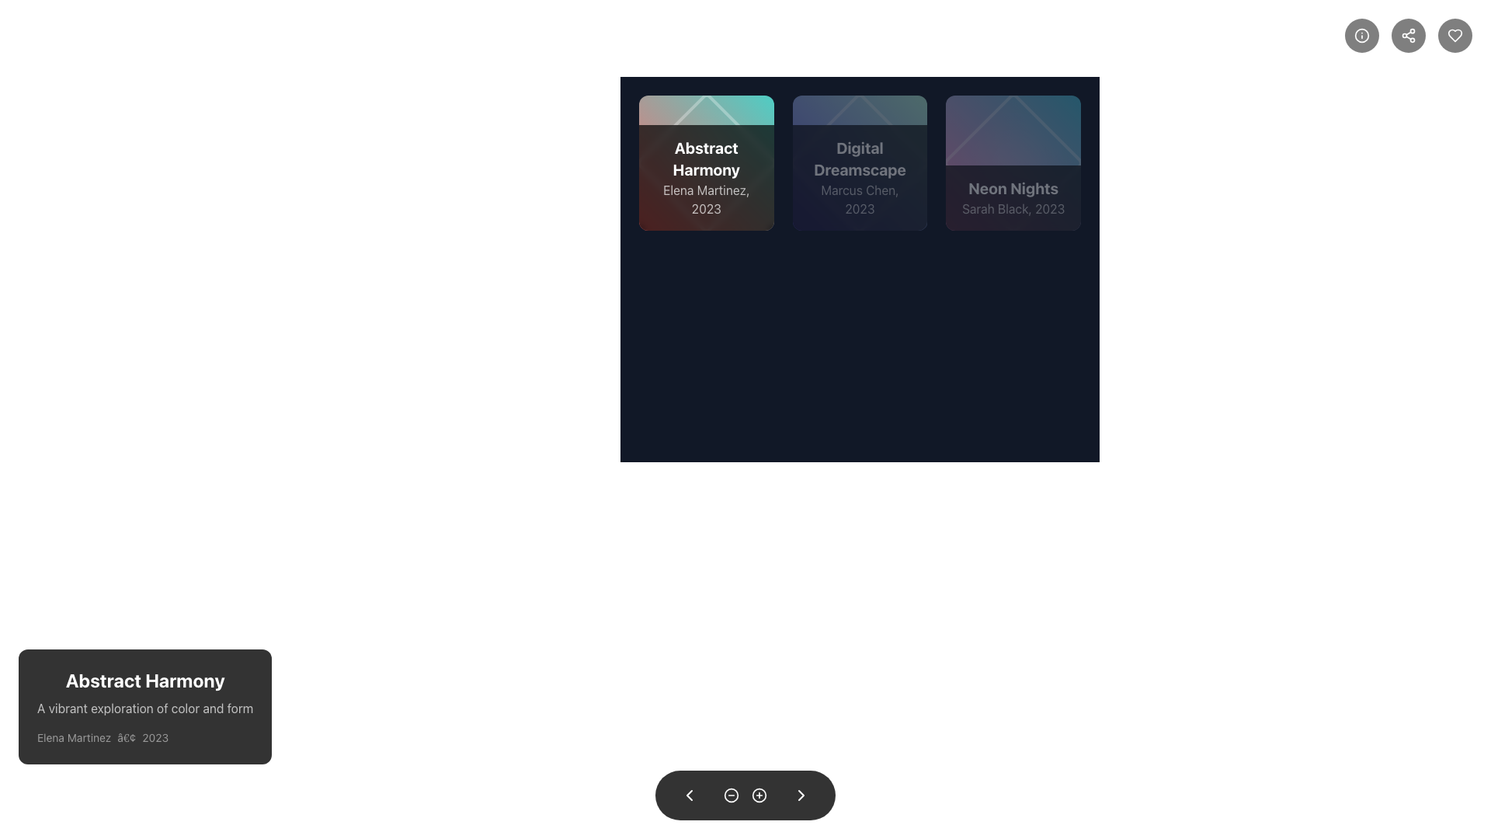  Describe the element at coordinates (801, 795) in the screenshot. I see `the small chevron-shaped arrow button pointing to the right, which is the last icon in a horizontal control bar at the center bottom of the interface` at that location.